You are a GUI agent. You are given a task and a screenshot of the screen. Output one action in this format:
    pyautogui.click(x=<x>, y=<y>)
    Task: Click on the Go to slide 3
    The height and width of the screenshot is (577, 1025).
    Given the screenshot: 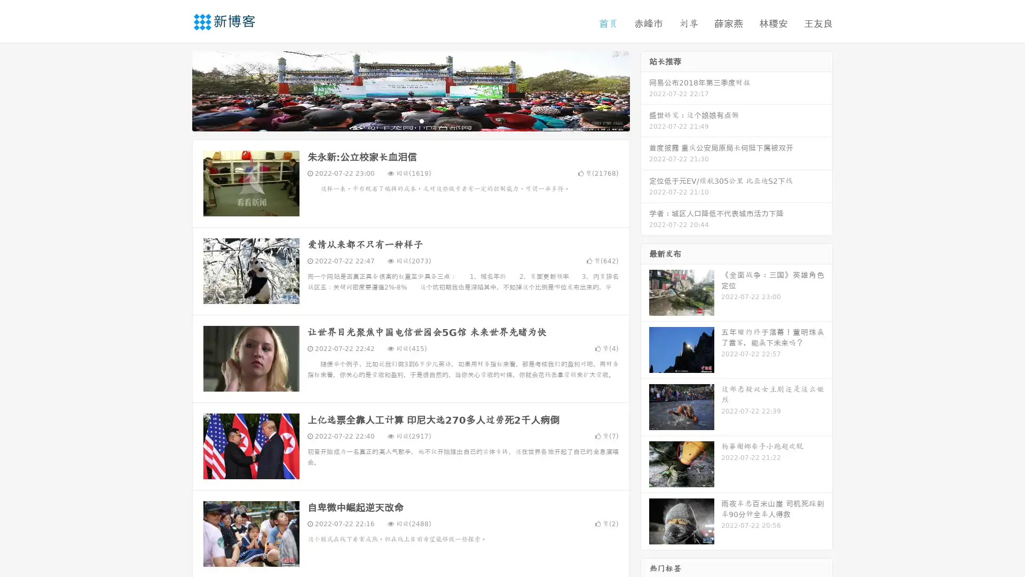 What is the action you would take?
    pyautogui.click(x=421, y=120)
    